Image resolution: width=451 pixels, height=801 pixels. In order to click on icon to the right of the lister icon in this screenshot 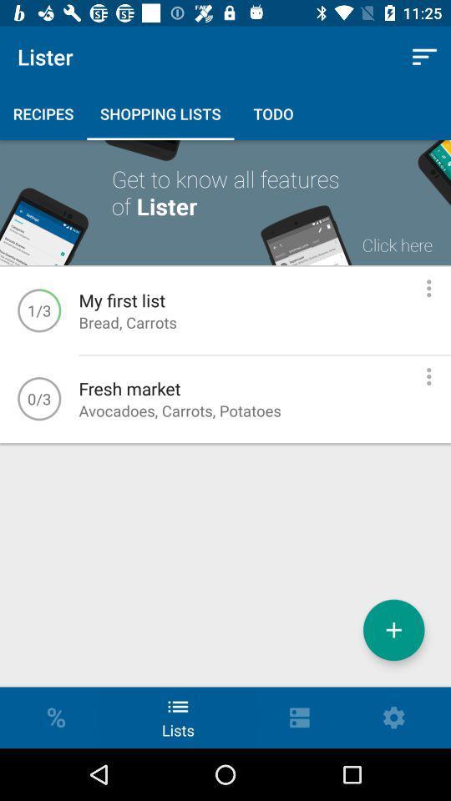, I will do `click(424, 57)`.